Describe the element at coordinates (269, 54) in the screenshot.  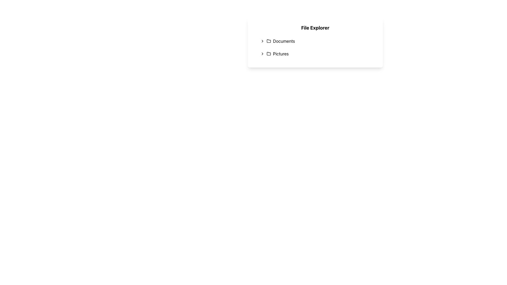
I see `the folder icon representing the 'Pictures' directory` at that location.